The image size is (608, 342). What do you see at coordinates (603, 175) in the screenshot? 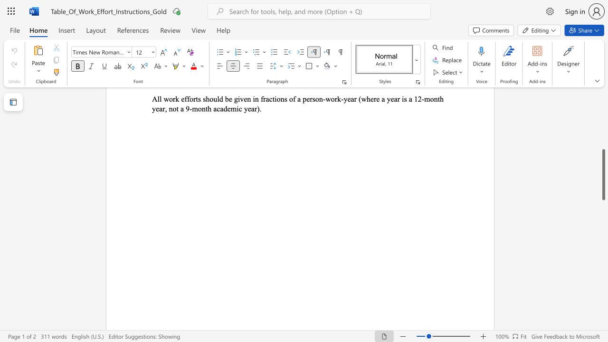
I see `the scrollbar and move down 430 pixels` at bounding box center [603, 175].